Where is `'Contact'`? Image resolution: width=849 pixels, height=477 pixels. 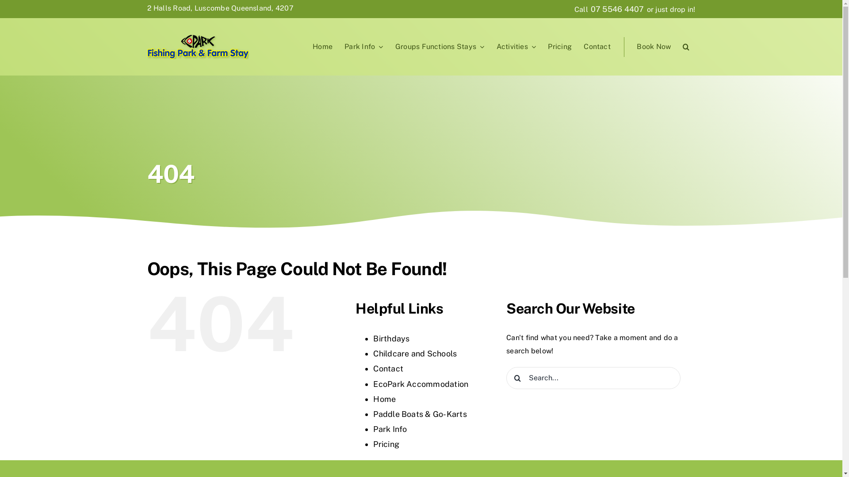
'Contact' is located at coordinates (388, 368).